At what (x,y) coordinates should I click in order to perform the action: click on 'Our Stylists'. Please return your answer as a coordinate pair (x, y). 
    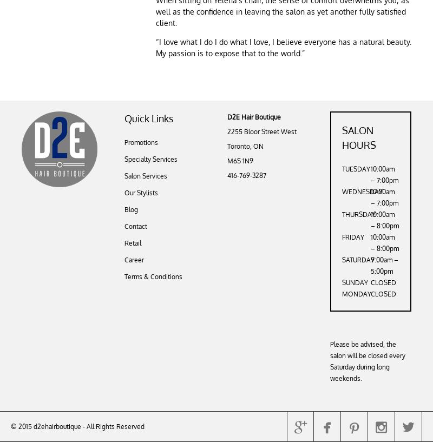
    Looking at the image, I should click on (140, 192).